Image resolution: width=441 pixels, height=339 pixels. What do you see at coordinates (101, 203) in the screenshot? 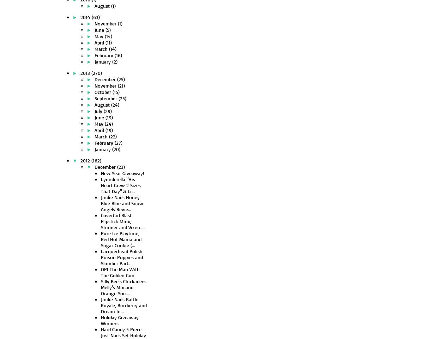
I see `'Jindie Nails Honey Blue Blue and Snow Angels Revie...'` at bounding box center [101, 203].